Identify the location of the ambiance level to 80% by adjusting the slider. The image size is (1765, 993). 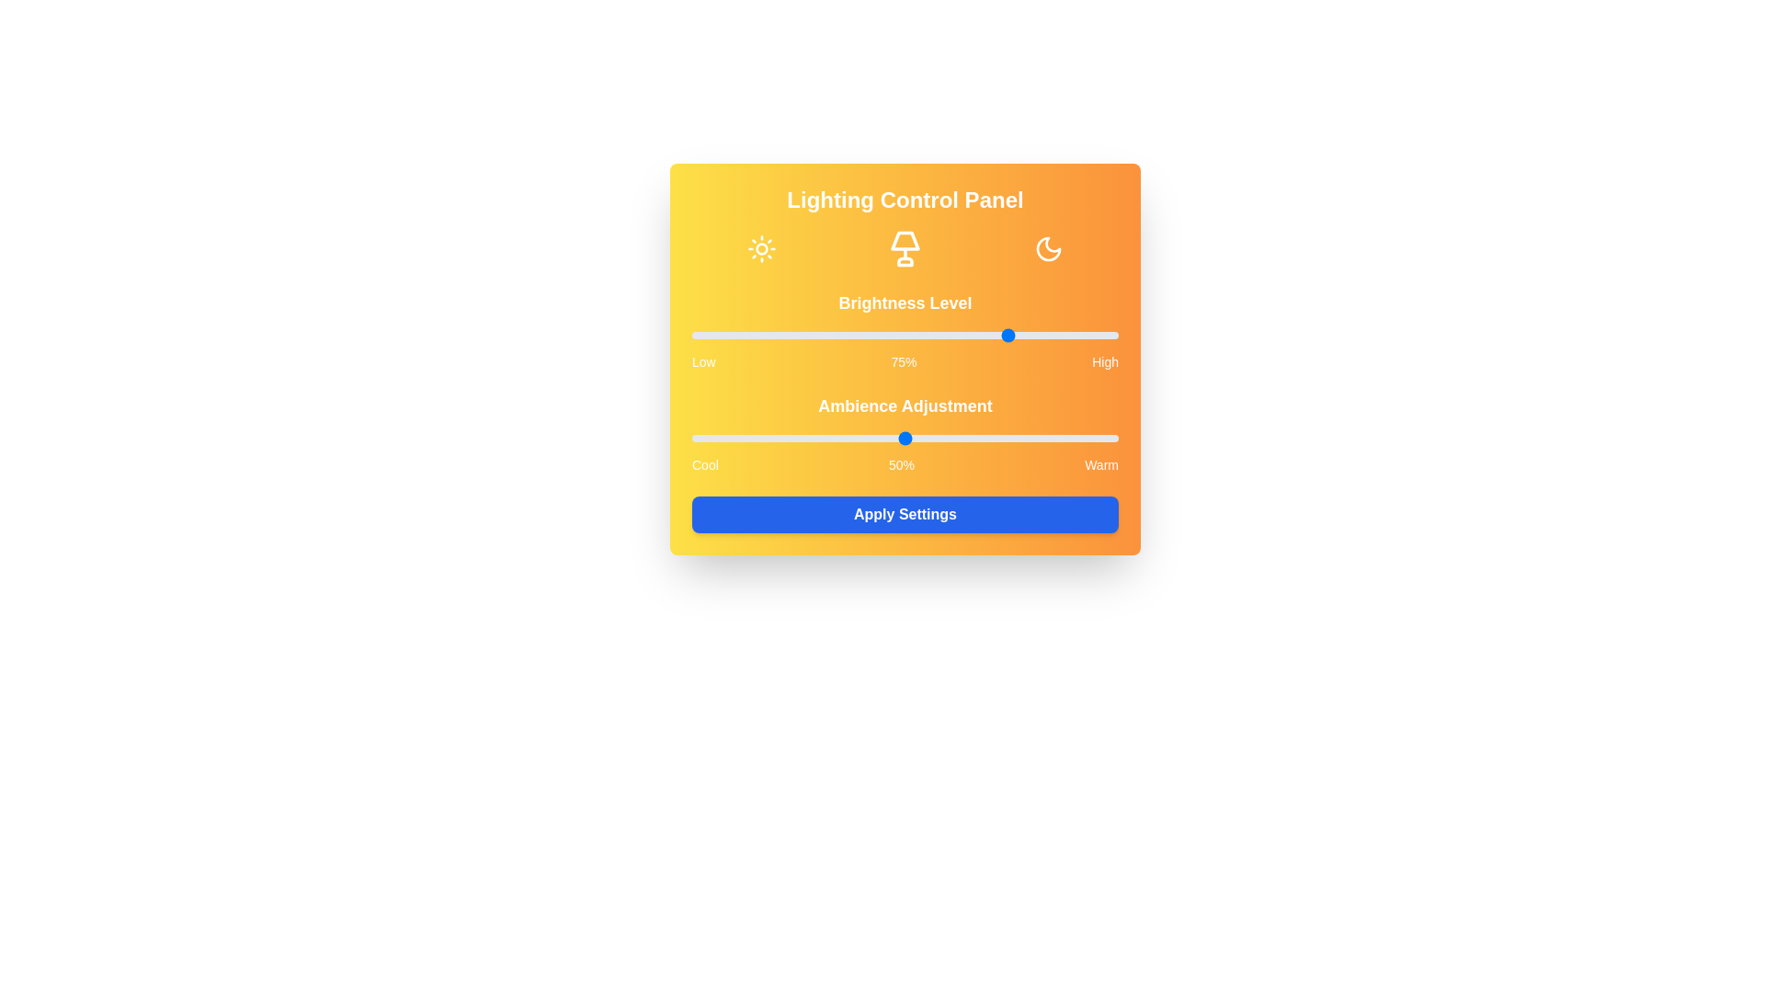
(1033, 439).